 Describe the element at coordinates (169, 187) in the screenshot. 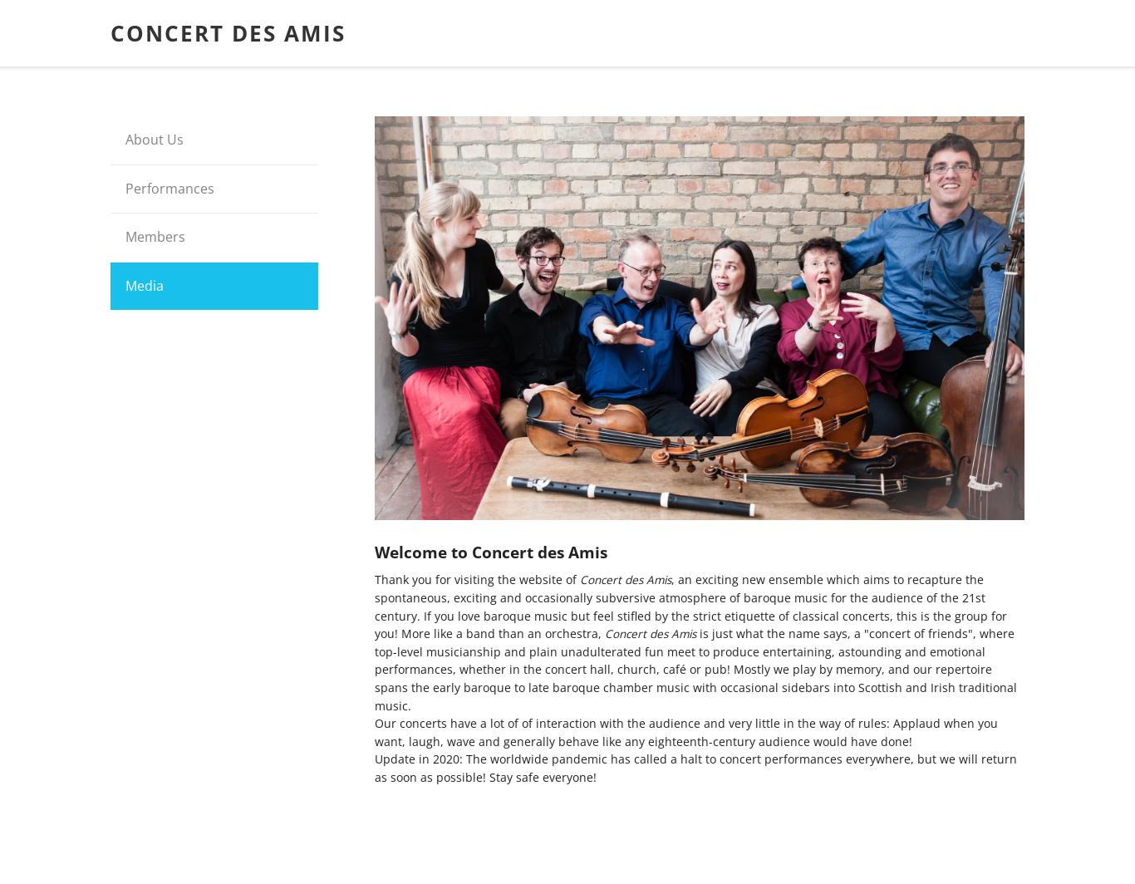

I see `'Performances'` at that location.